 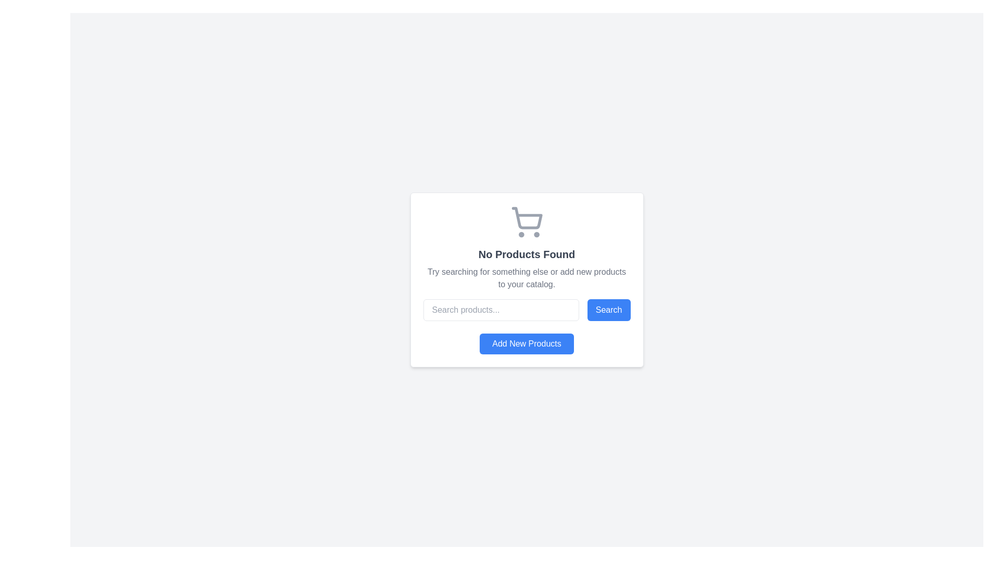 What do you see at coordinates (527, 343) in the screenshot?
I see `the button that allows users to add new products to their catalog, located below the search input field and the text 'Try searching for something else or add new products to your catalog.'` at bounding box center [527, 343].